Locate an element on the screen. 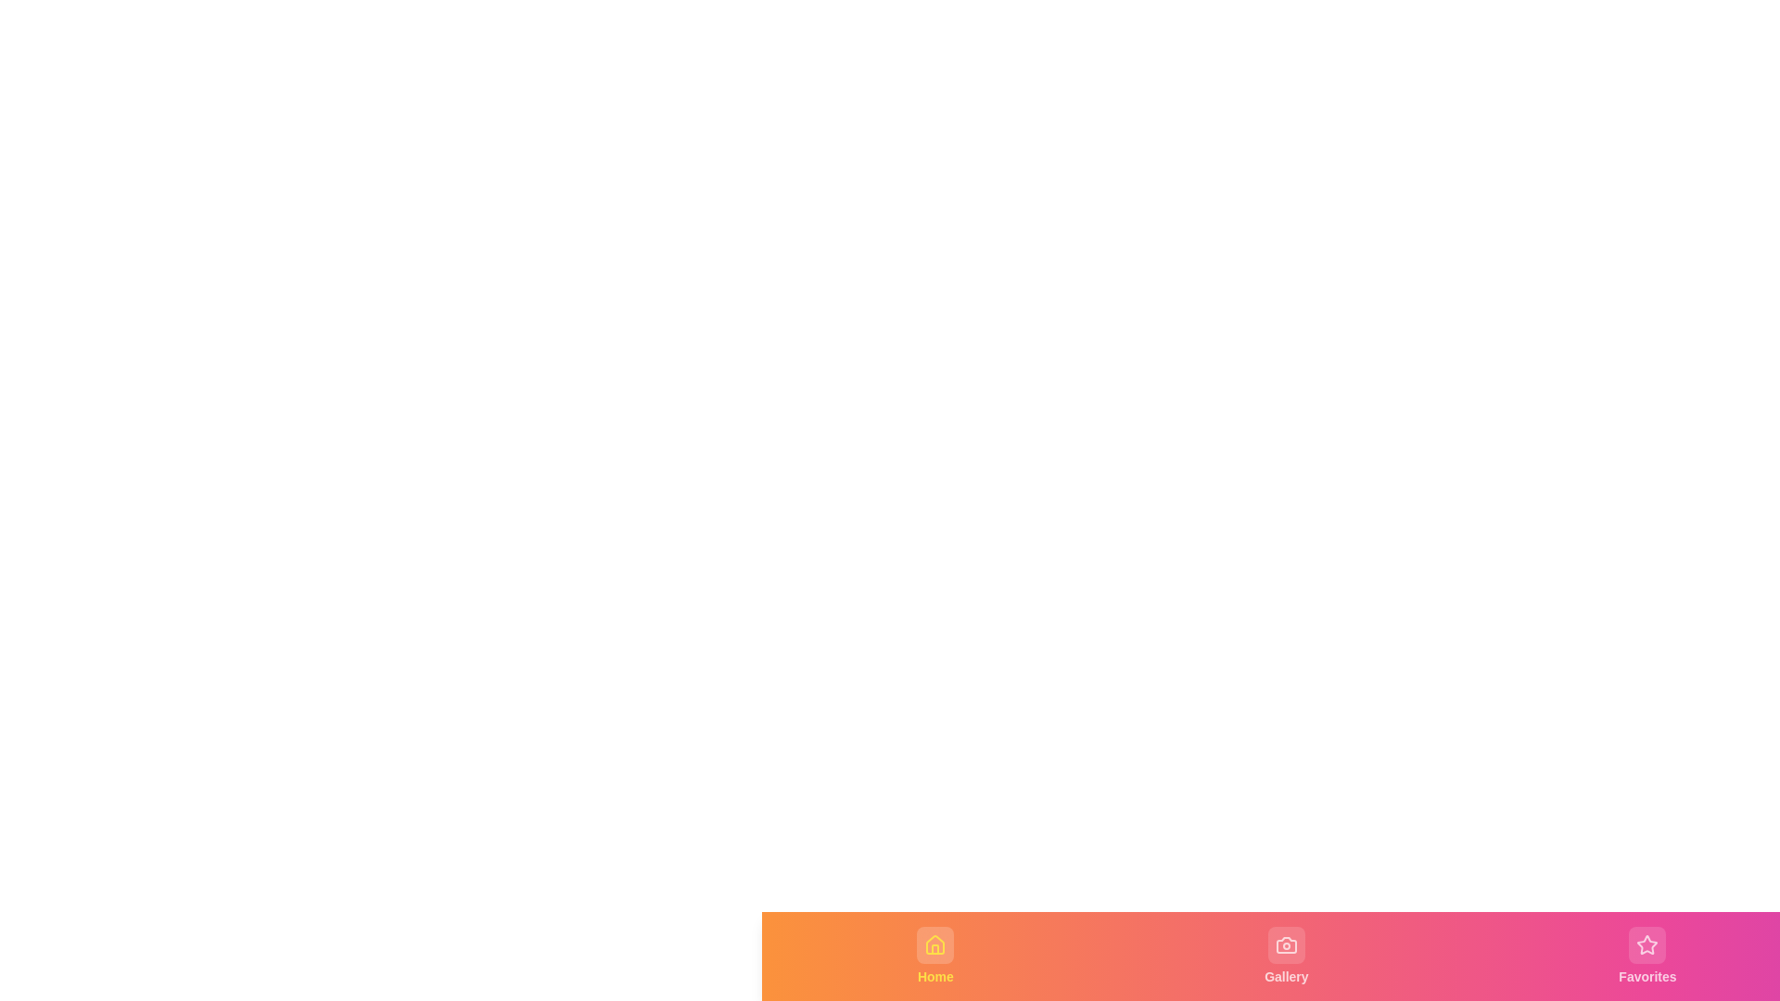 The height and width of the screenshot is (1001, 1780). the navigation tab labeled Home is located at coordinates (935, 957).